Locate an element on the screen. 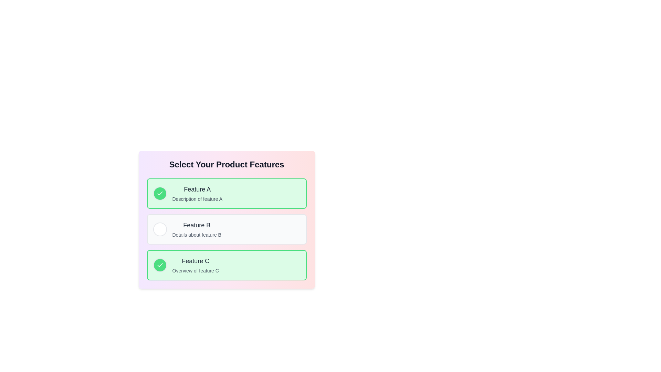 The height and width of the screenshot is (372, 661). the circular button with a gray border and white background located to the left of the 'Feature B' title is located at coordinates (159, 229).